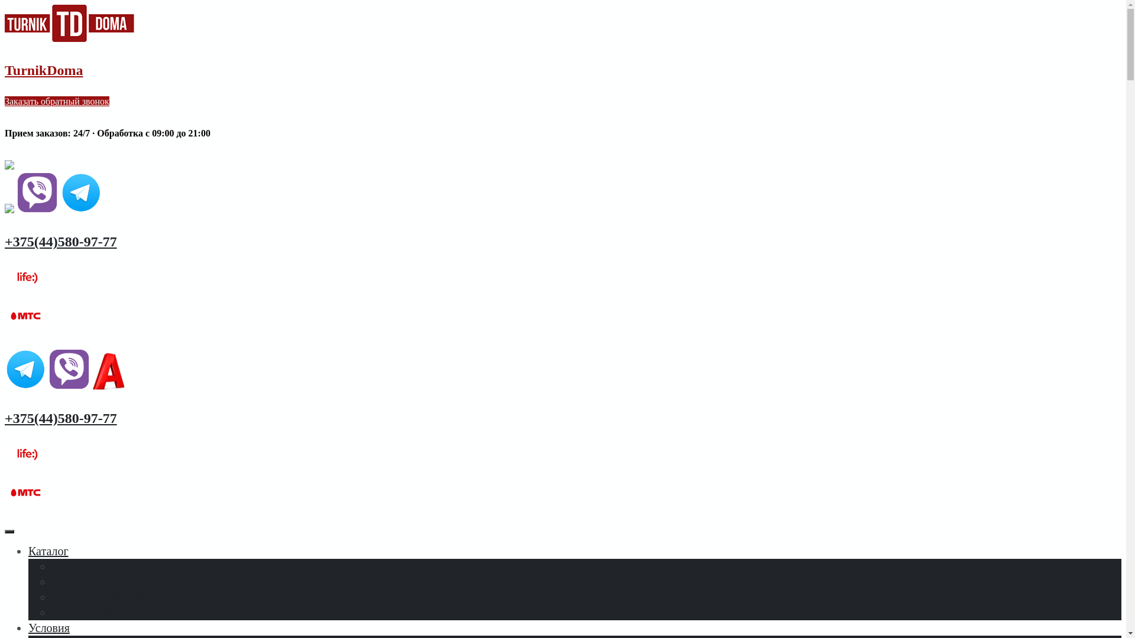 The width and height of the screenshot is (1135, 638). Describe the element at coordinates (5, 240) in the screenshot. I see `'+375(44)580-97-77'` at that location.